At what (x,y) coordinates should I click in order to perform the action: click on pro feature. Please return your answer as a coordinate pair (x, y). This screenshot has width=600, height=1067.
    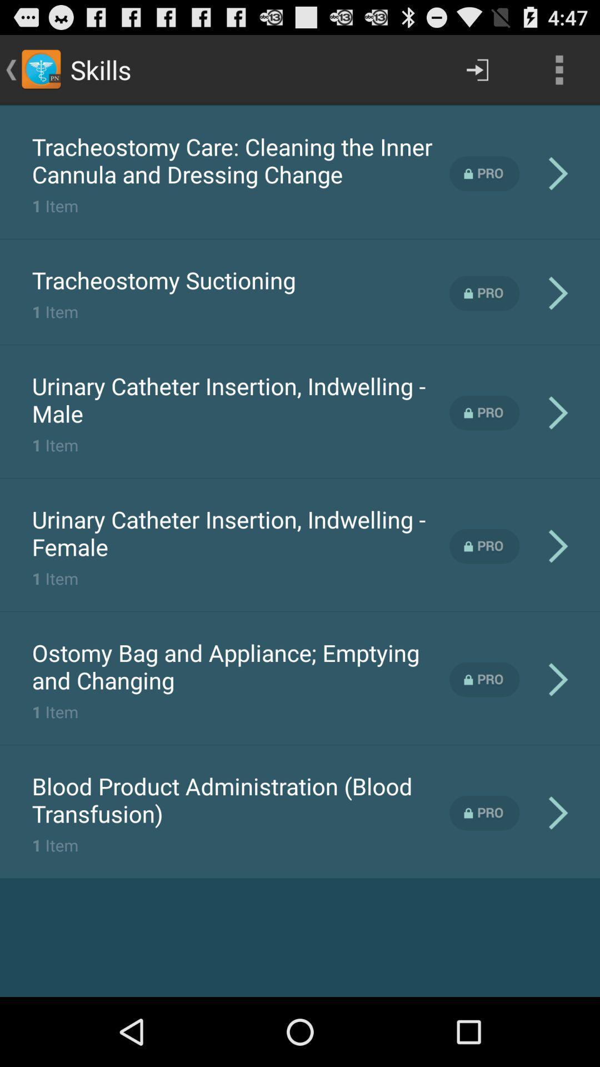
    Looking at the image, I should click on (484, 546).